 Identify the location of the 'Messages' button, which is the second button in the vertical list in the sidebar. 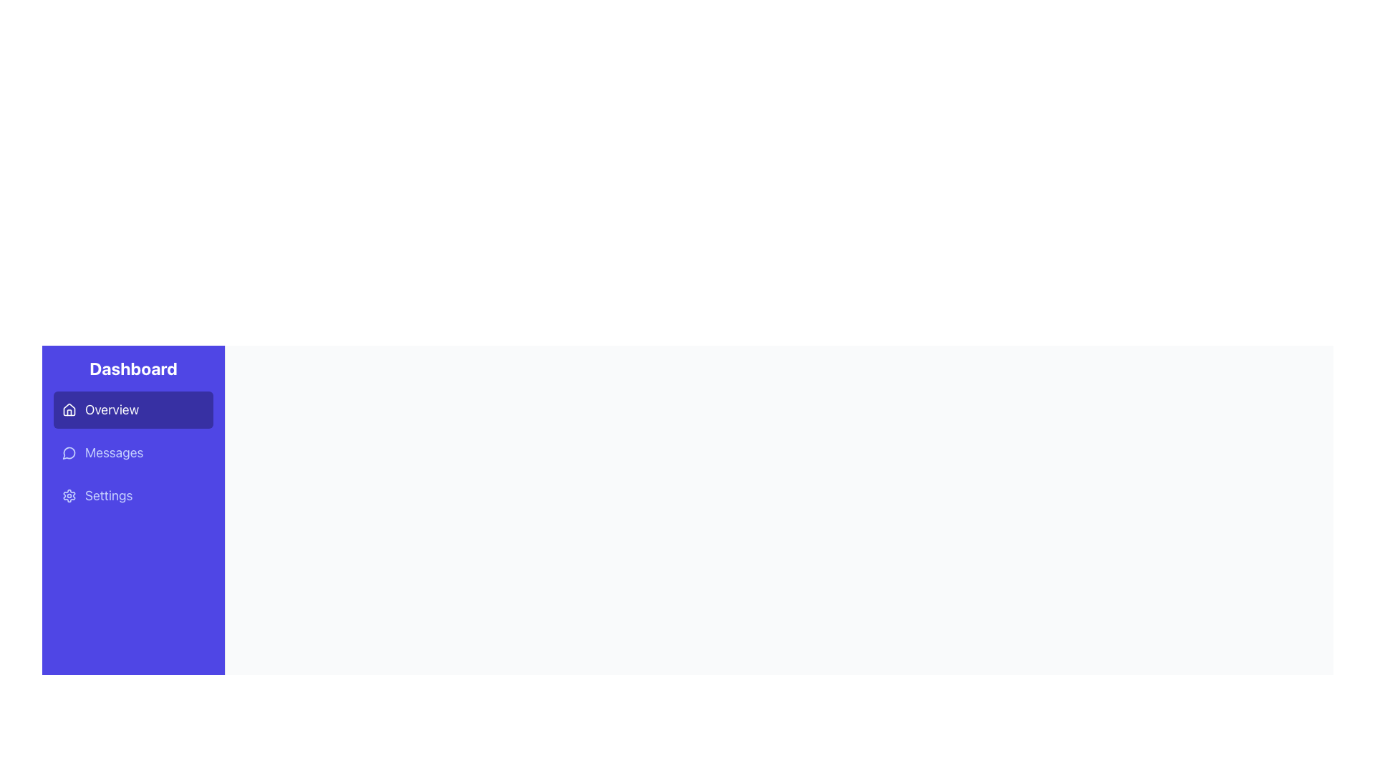
(133, 452).